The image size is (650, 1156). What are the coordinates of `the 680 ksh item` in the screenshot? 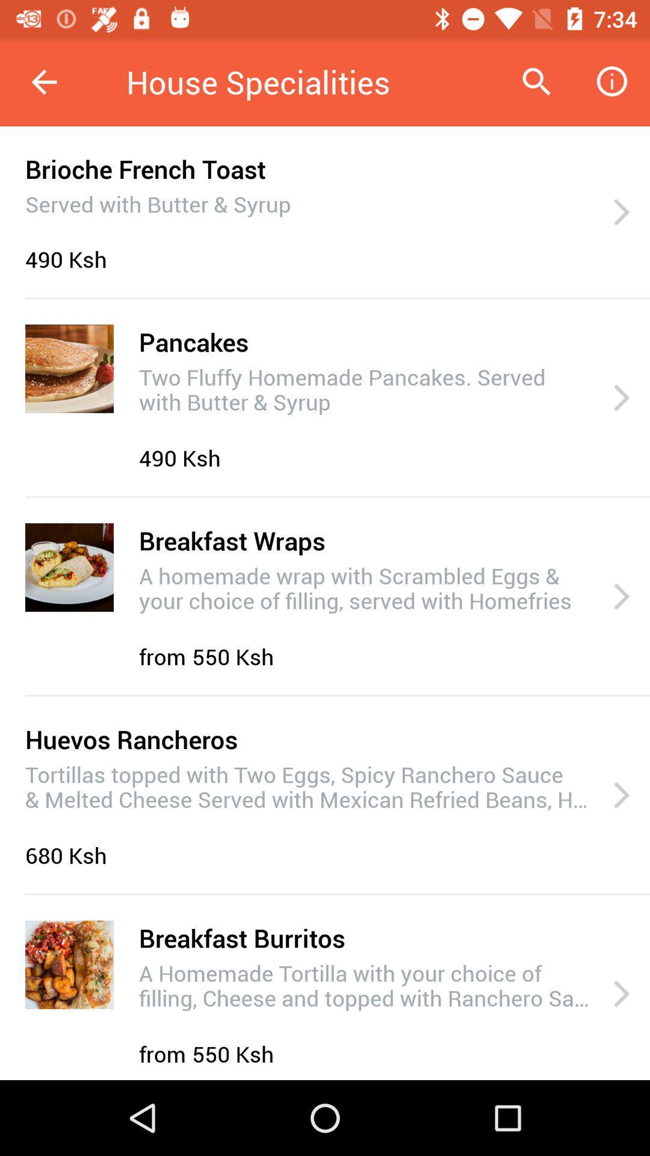 It's located at (69, 854).